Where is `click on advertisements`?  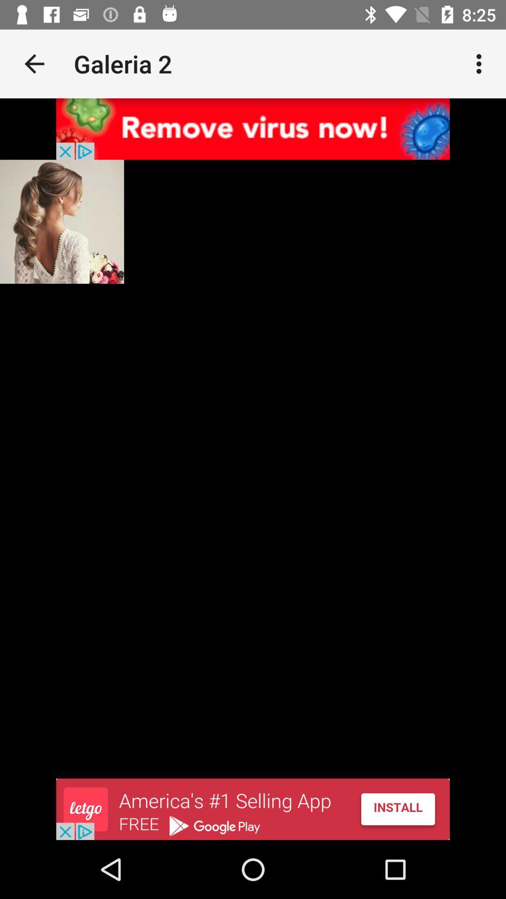 click on advertisements is located at coordinates (253, 809).